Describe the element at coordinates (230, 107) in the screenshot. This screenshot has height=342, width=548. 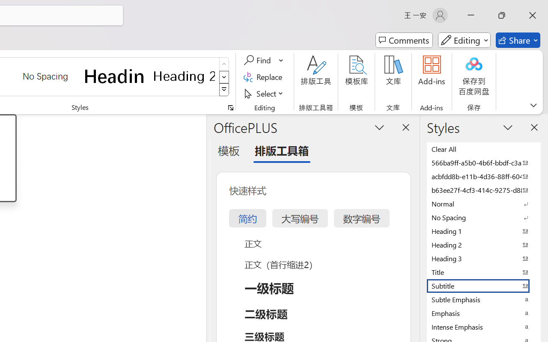
I see `'Styles...'` at that location.